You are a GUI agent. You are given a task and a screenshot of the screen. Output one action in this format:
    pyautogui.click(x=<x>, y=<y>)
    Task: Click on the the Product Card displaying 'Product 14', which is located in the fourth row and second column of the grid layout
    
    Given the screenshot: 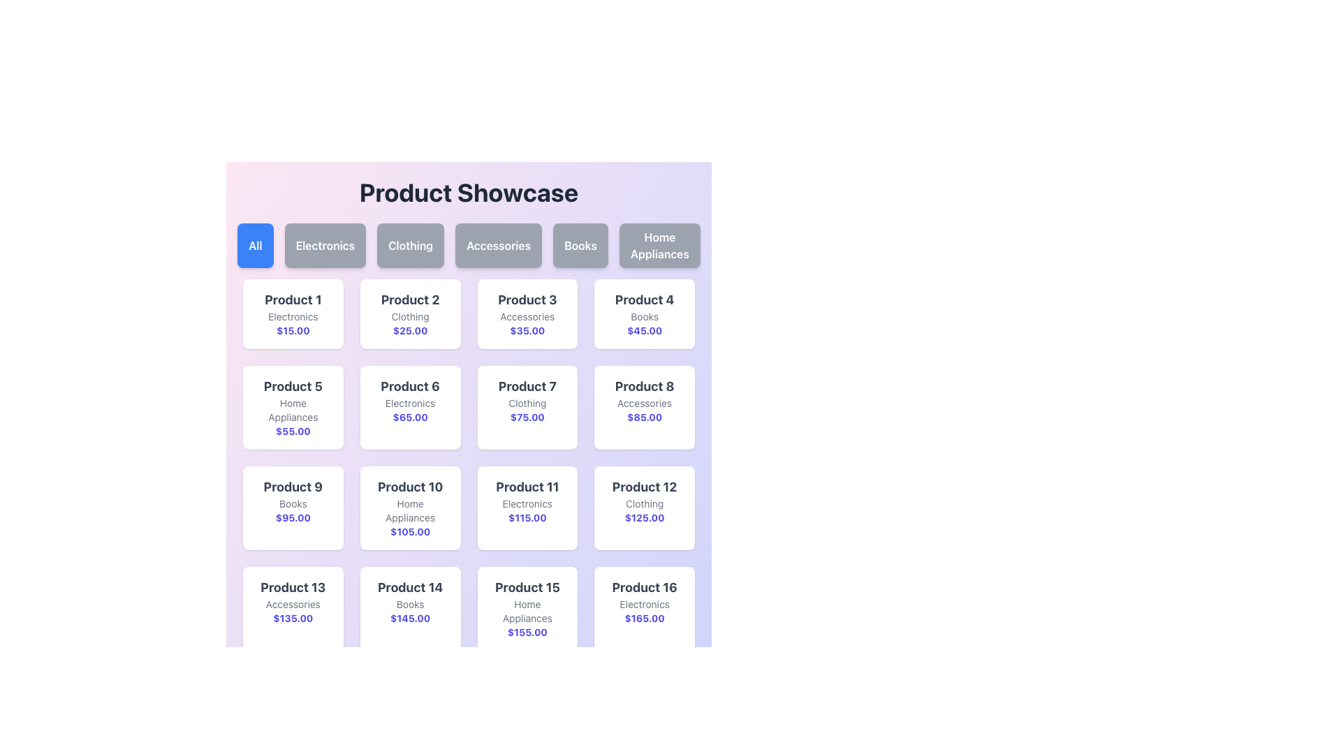 What is the action you would take?
    pyautogui.click(x=409, y=607)
    